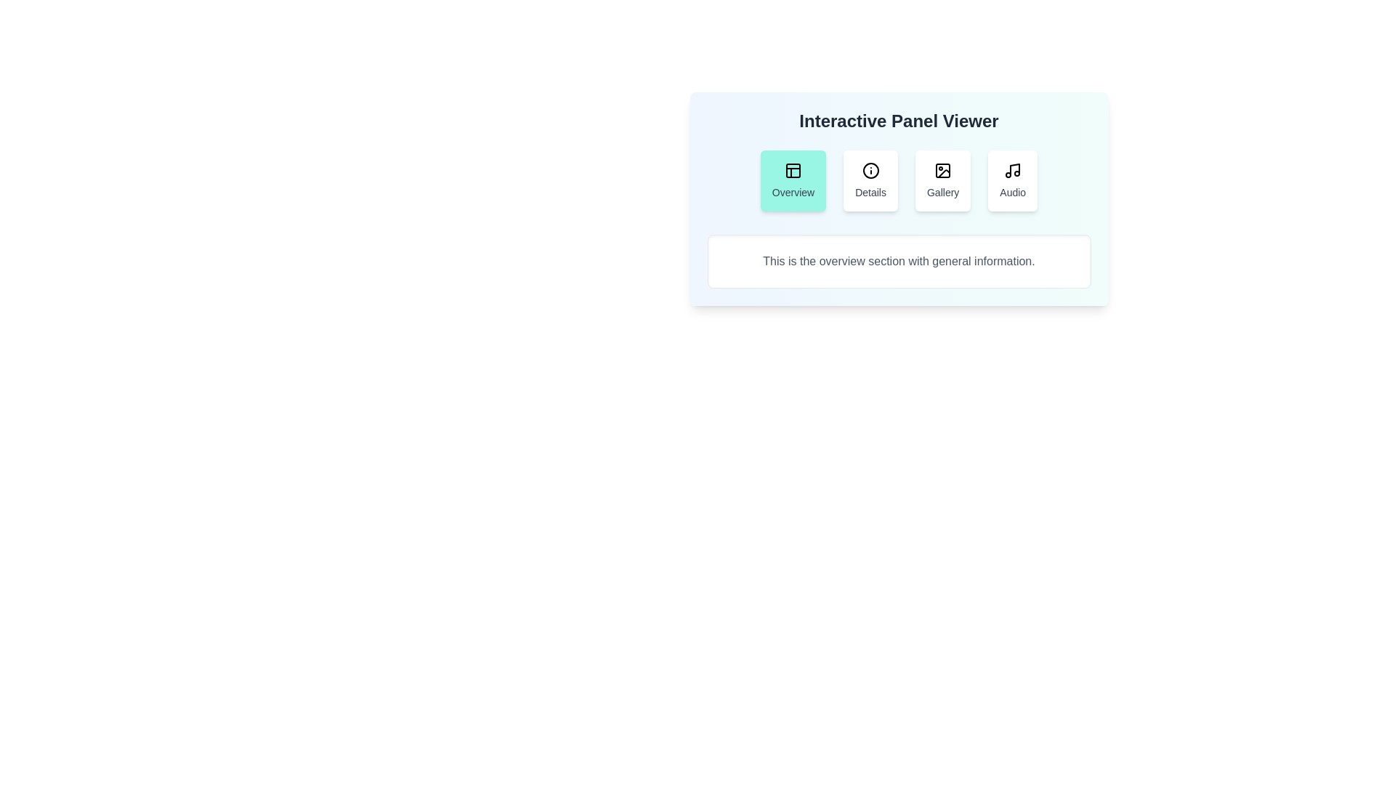 The width and height of the screenshot is (1395, 785). I want to click on the 'Gallery' navigation button, which is the third item in the horizontal navigation bar located between the 'Details' and 'Audio' buttons, so click(942, 180).